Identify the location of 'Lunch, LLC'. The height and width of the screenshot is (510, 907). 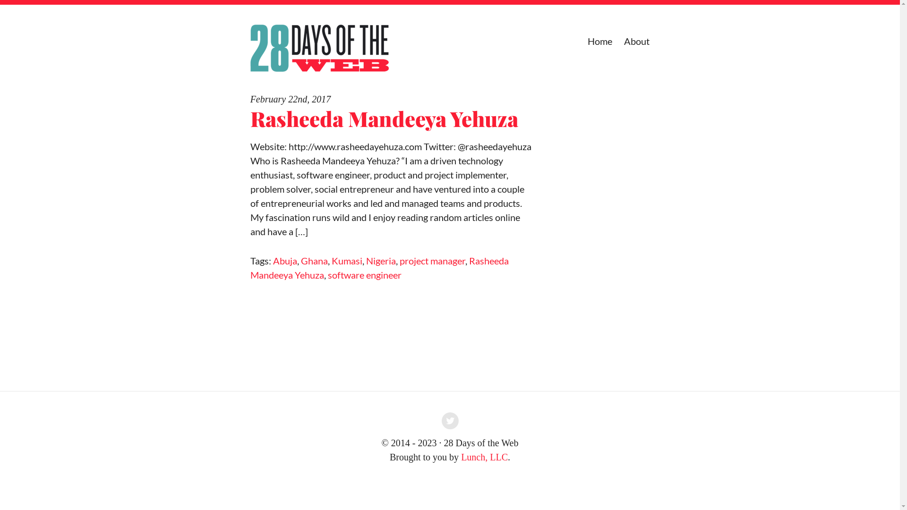
(484, 457).